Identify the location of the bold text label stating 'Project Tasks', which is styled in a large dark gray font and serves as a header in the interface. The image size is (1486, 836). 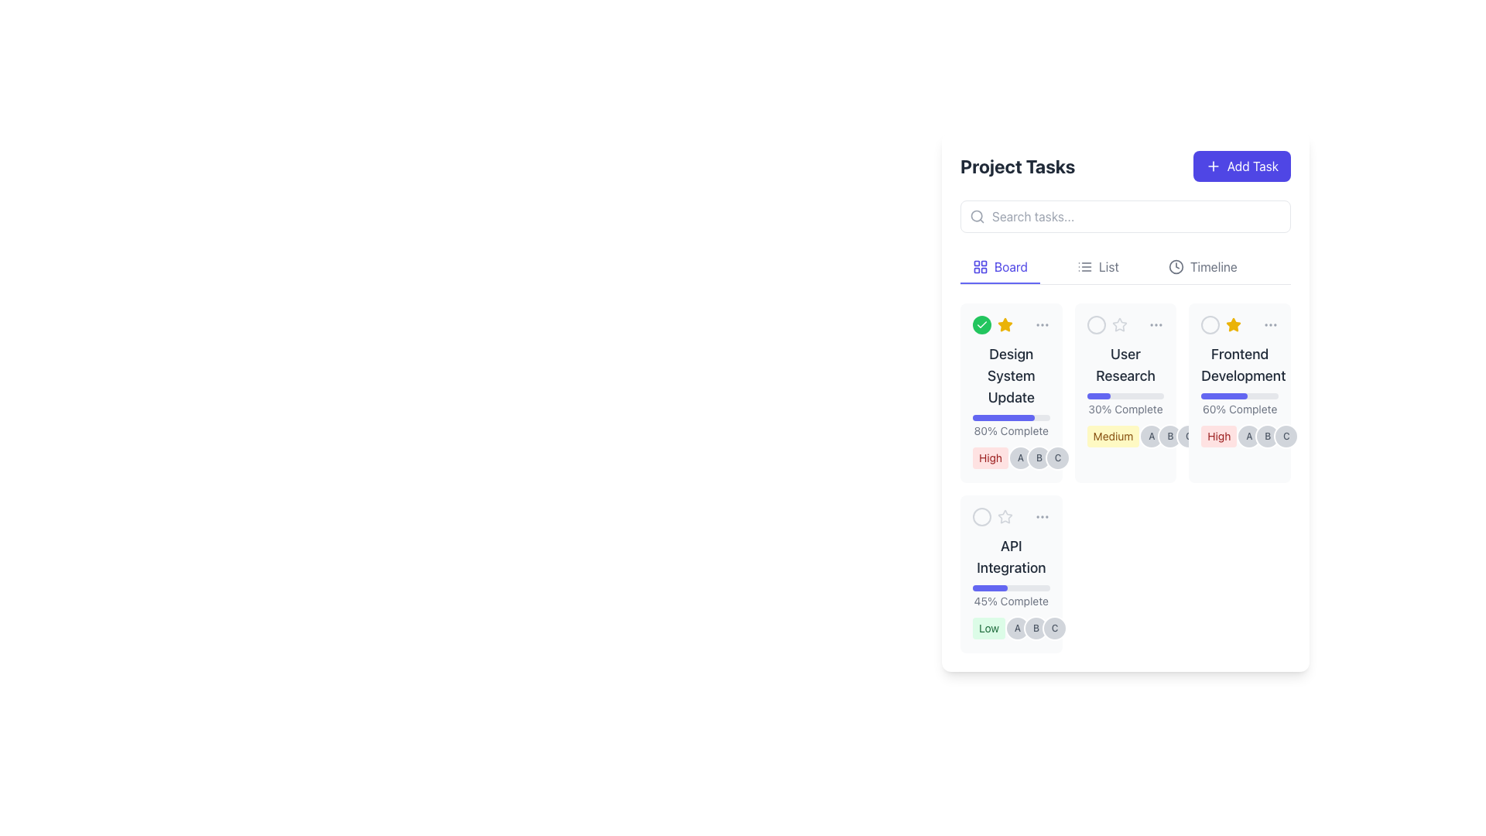
(1018, 166).